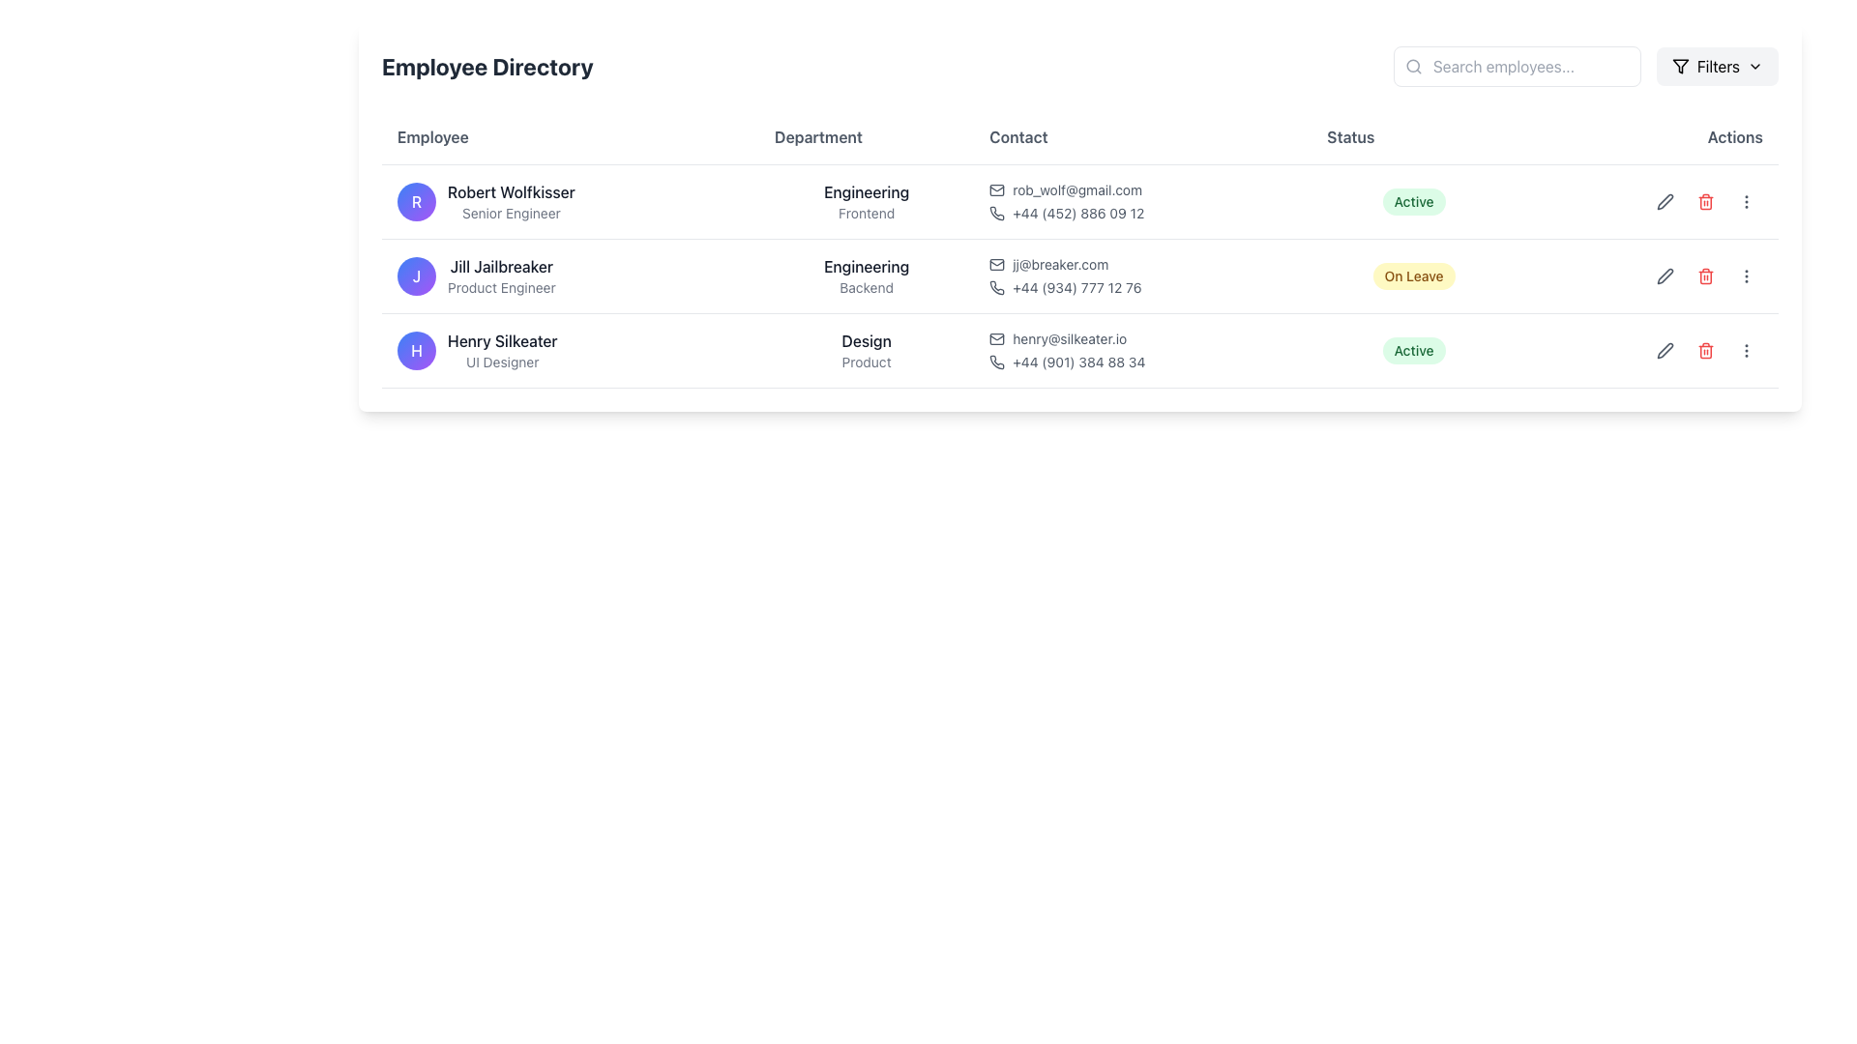  What do you see at coordinates (1142, 275) in the screenshot?
I see `the contact details presented in the Text and icon group for employee Jill Jailbreaker, which includes an email address and a phone number` at bounding box center [1142, 275].